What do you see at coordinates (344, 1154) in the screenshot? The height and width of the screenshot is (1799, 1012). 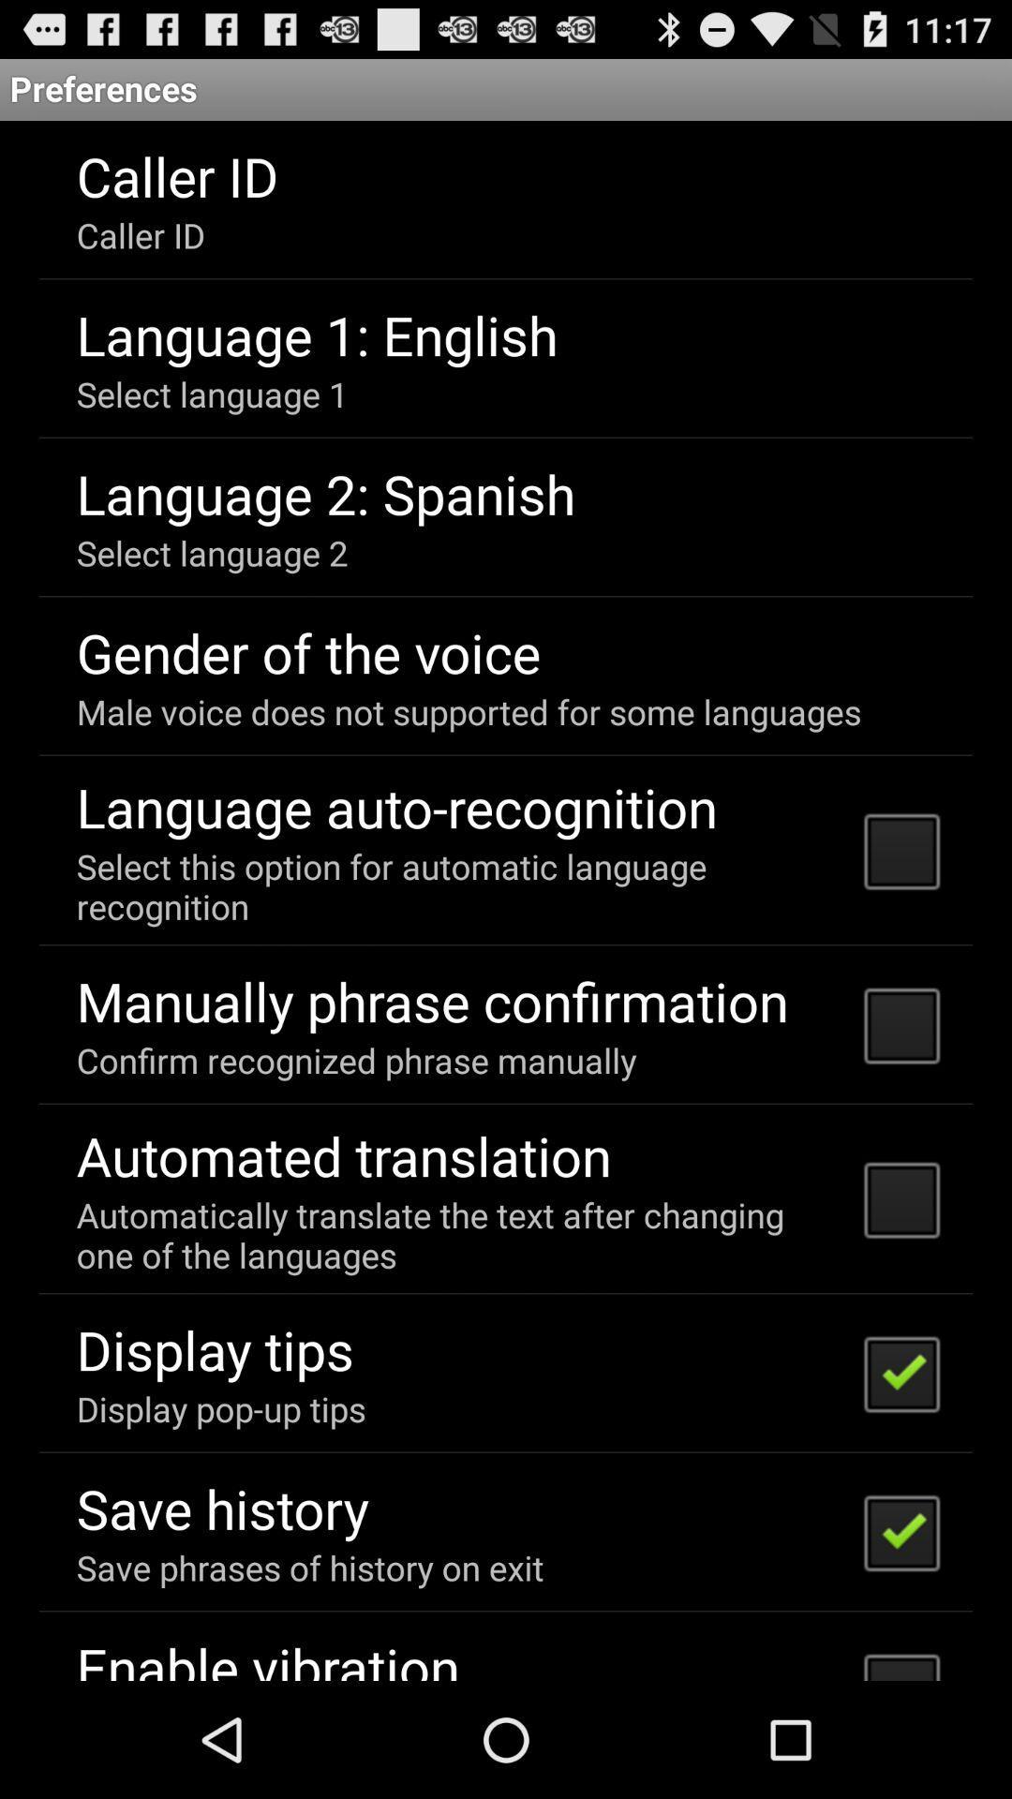 I see `automated translation` at bounding box center [344, 1154].